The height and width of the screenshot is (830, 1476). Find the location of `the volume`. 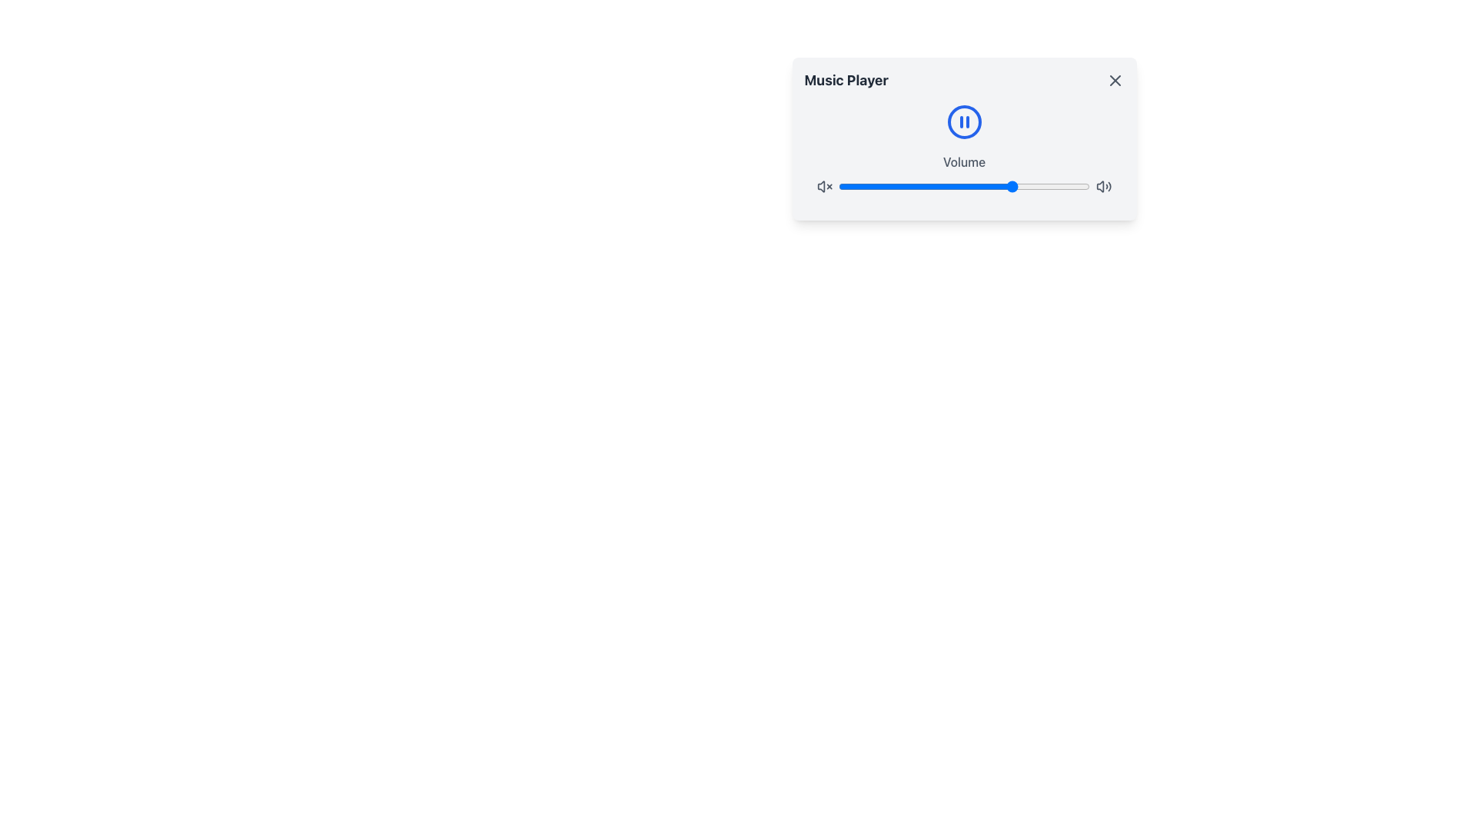

the volume is located at coordinates (979, 186).